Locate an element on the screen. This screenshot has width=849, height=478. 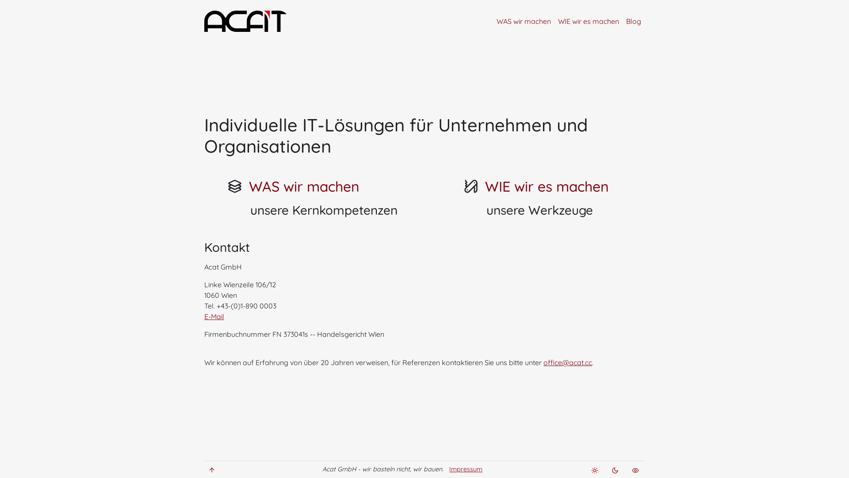
'Acat GmbH' is located at coordinates (251, 20).